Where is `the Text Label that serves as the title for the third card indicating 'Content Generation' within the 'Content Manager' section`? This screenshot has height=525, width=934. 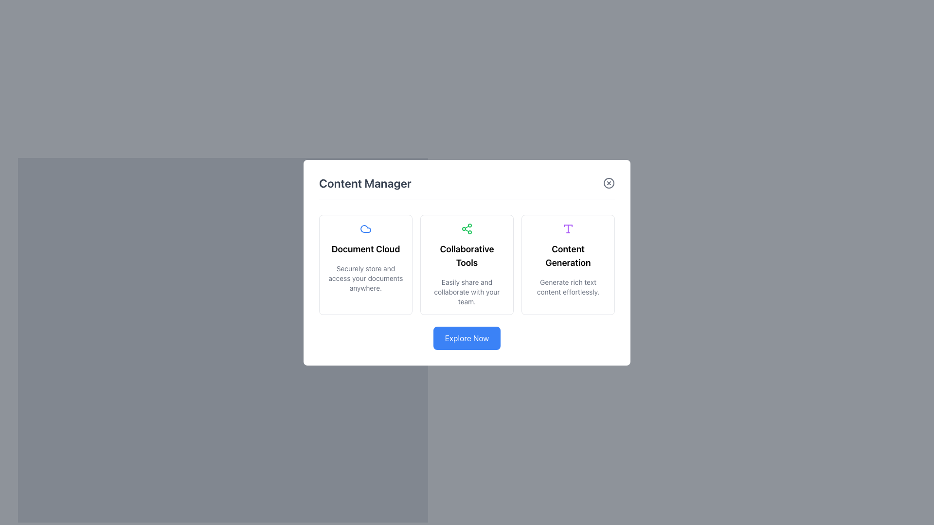 the Text Label that serves as the title for the third card indicating 'Content Generation' within the 'Content Manager' section is located at coordinates (568, 255).